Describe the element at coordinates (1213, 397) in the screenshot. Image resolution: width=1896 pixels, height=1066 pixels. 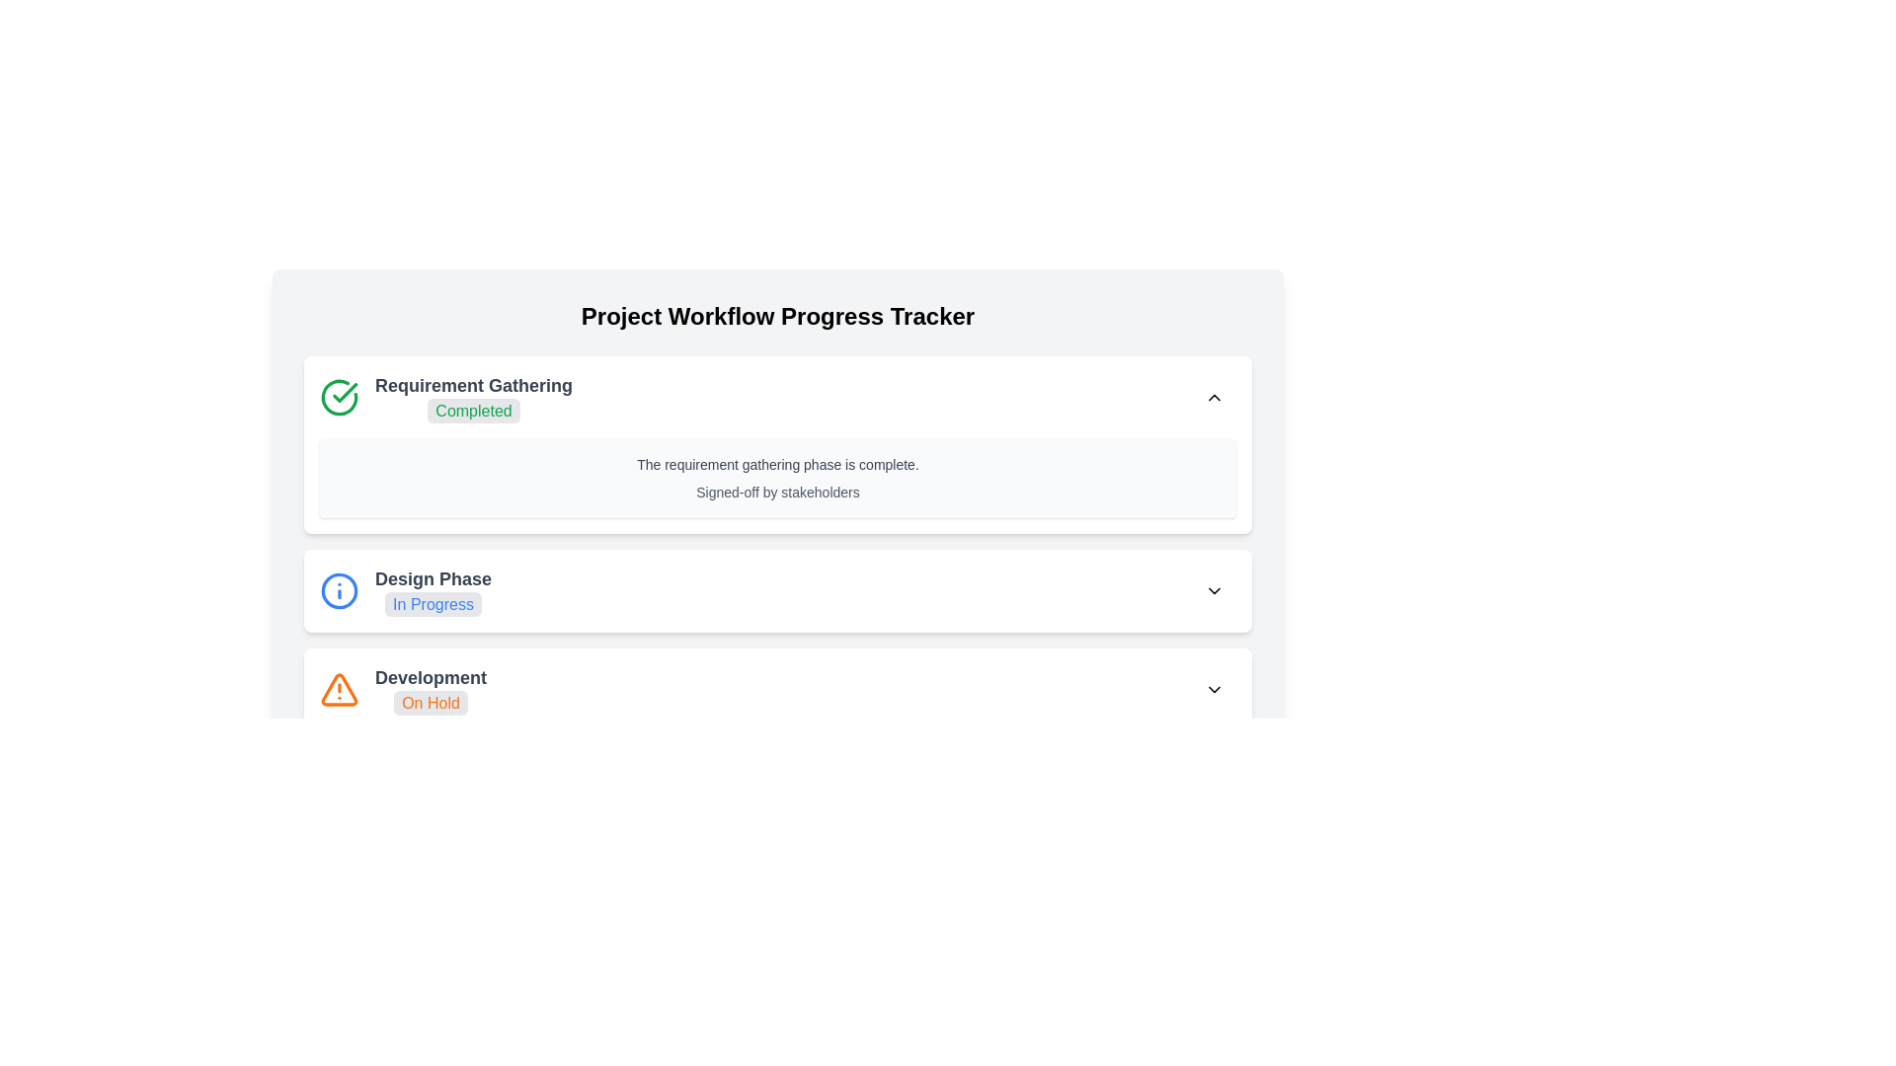
I see `the interactive toggle button with a chevron arrow pointing upwards, located at the far right end of the 'Requirement Gathering' section header` at that location.